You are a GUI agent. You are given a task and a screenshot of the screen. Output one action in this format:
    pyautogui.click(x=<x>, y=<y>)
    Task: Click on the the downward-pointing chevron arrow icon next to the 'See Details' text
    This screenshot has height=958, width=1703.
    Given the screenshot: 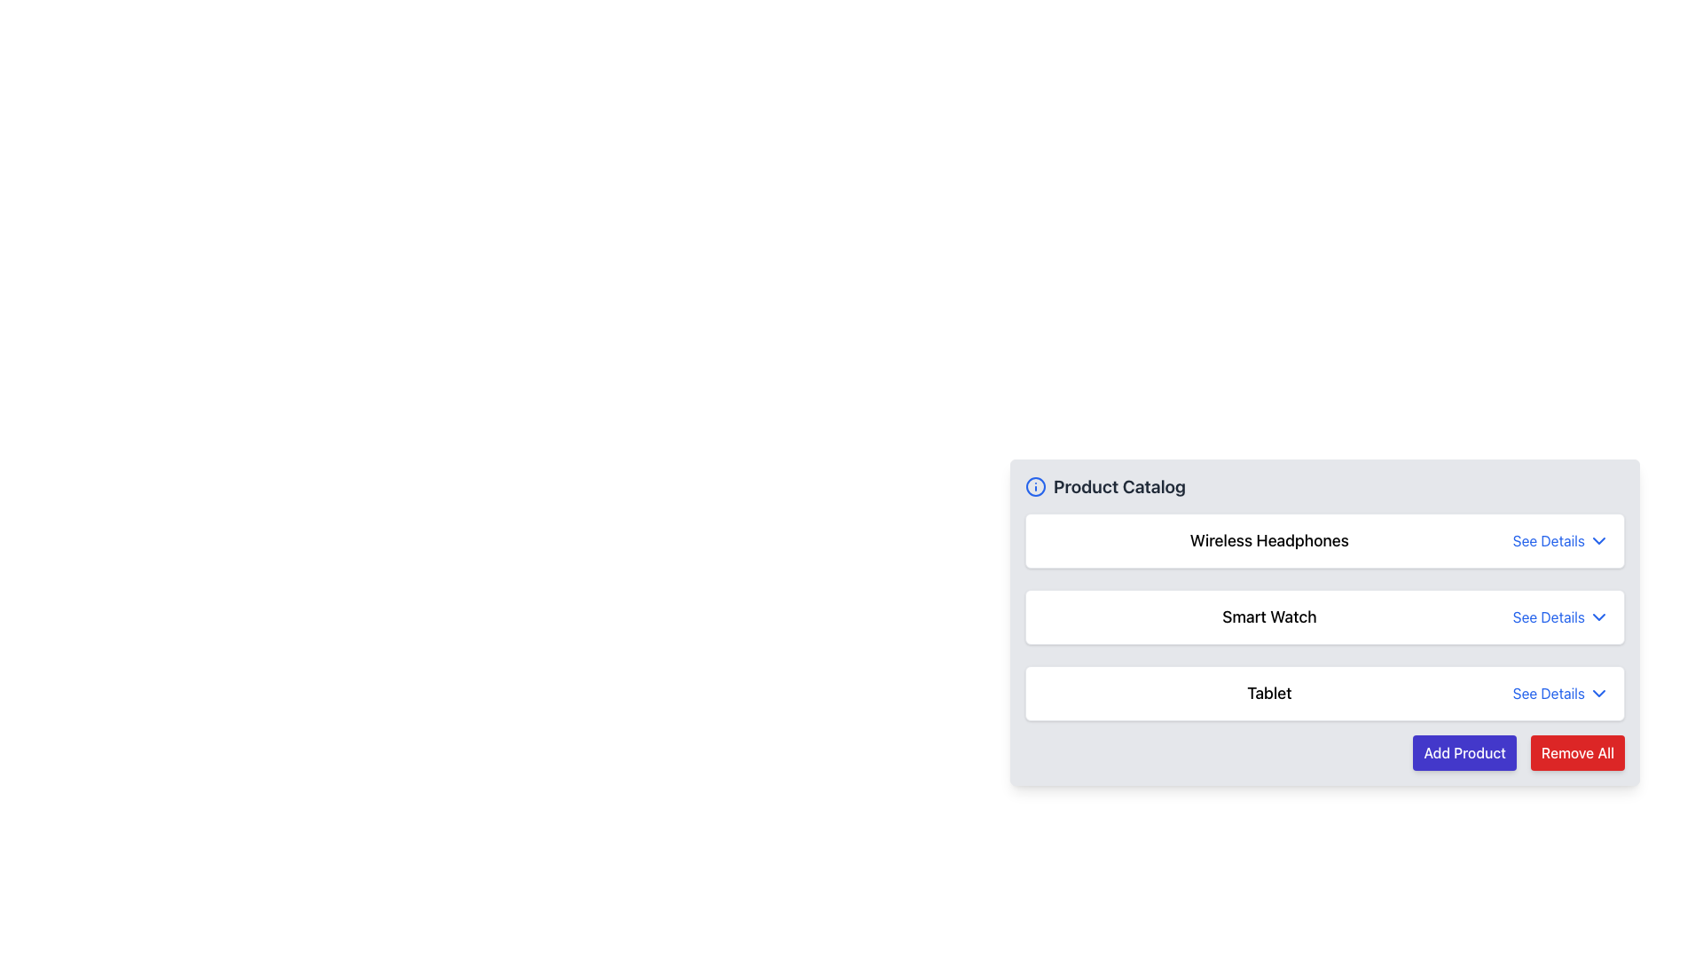 What is the action you would take?
    pyautogui.click(x=1599, y=539)
    